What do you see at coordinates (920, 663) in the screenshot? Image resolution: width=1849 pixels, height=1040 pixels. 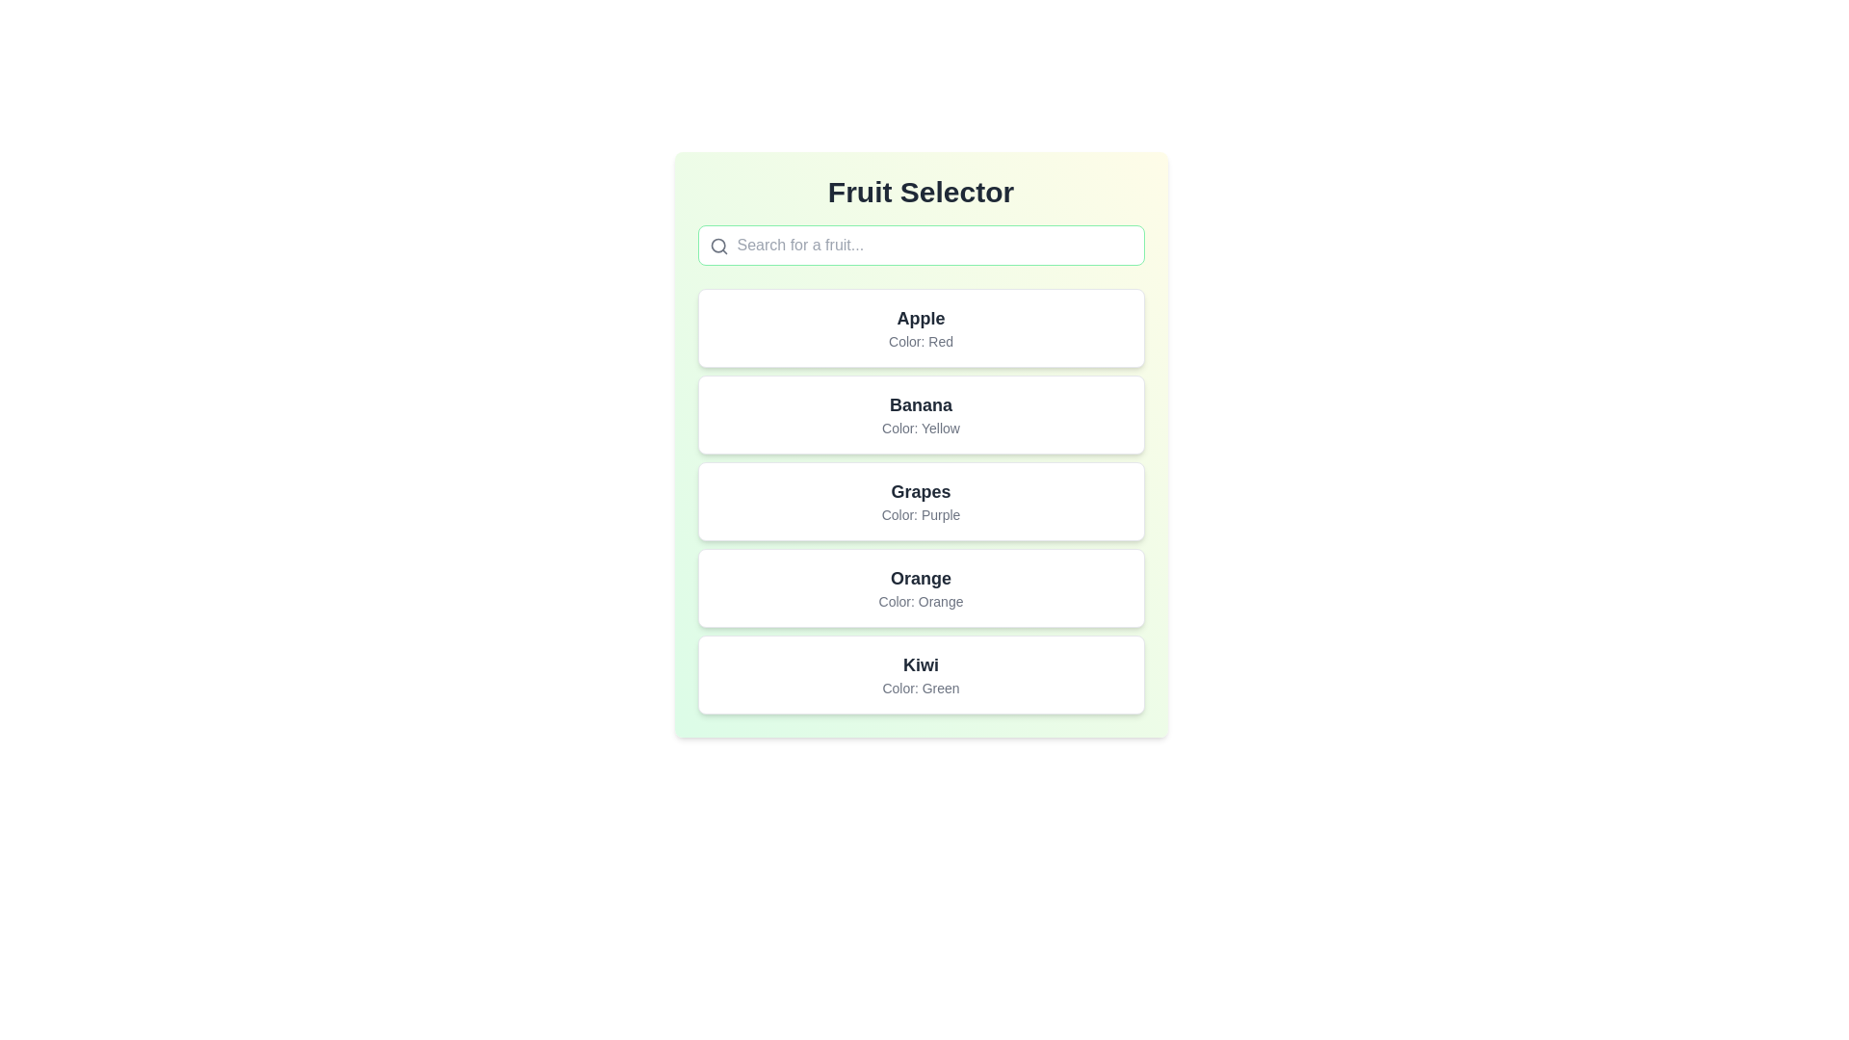 I see `the text label displaying the name 'Kiwi' which is located in the fifth card of the fruit options, positioned above the text 'Color: Green'` at bounding box center [920, 663].